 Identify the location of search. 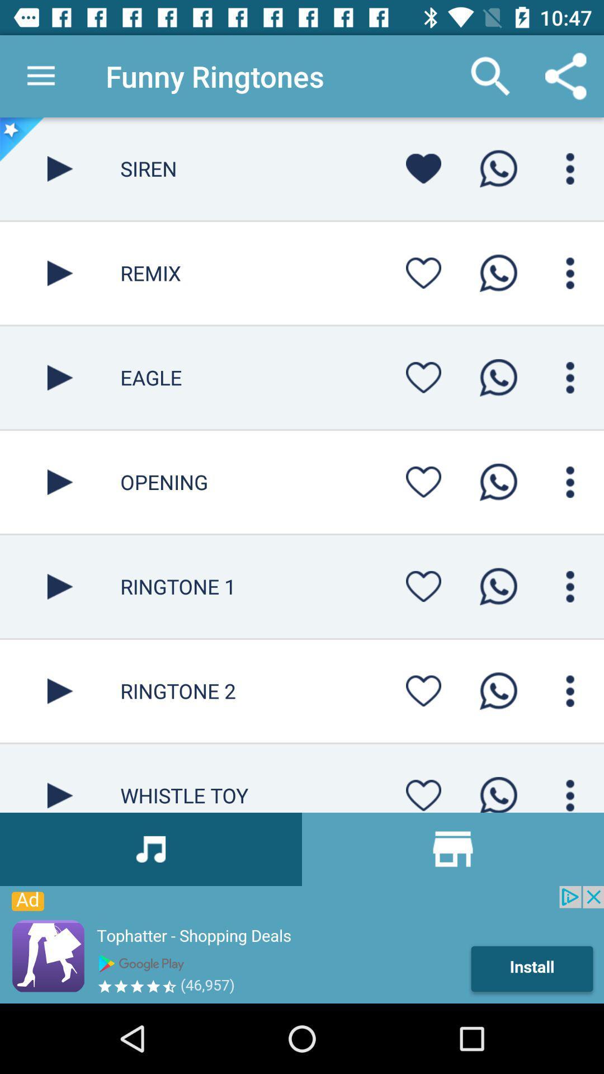
(570, 690).